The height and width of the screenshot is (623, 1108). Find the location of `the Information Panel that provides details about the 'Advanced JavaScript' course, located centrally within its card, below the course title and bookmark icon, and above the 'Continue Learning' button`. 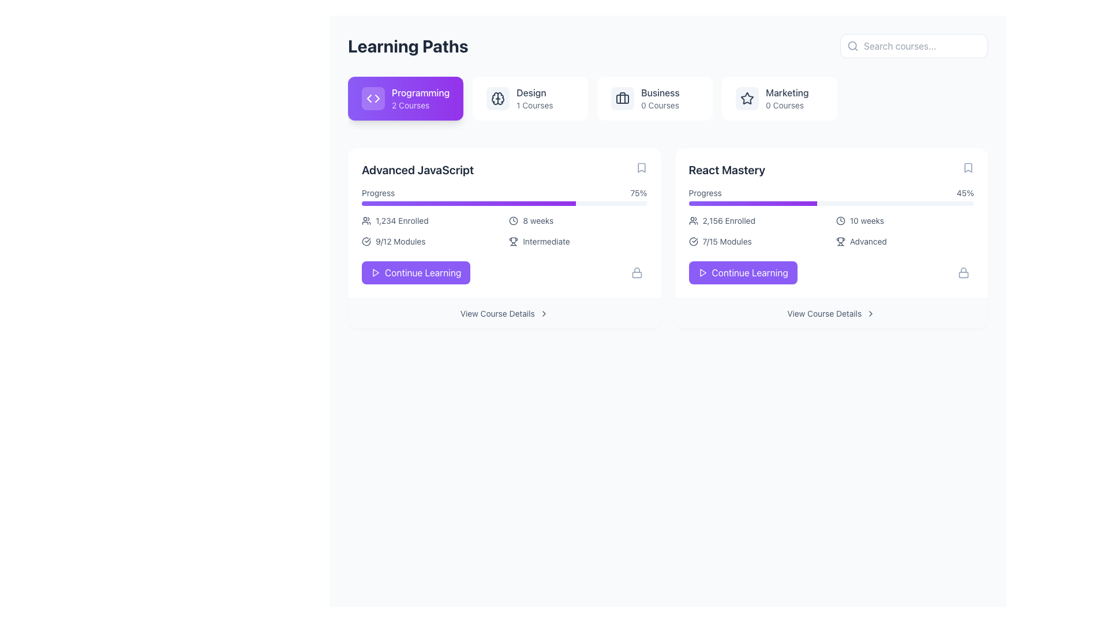

the Information Panel that provides details about the 'Advanced JavaScript' course, located centrally within its card, below the course title and bookmark icon, and above the 'Continue Learning' button is located at coordinates (504, 217).